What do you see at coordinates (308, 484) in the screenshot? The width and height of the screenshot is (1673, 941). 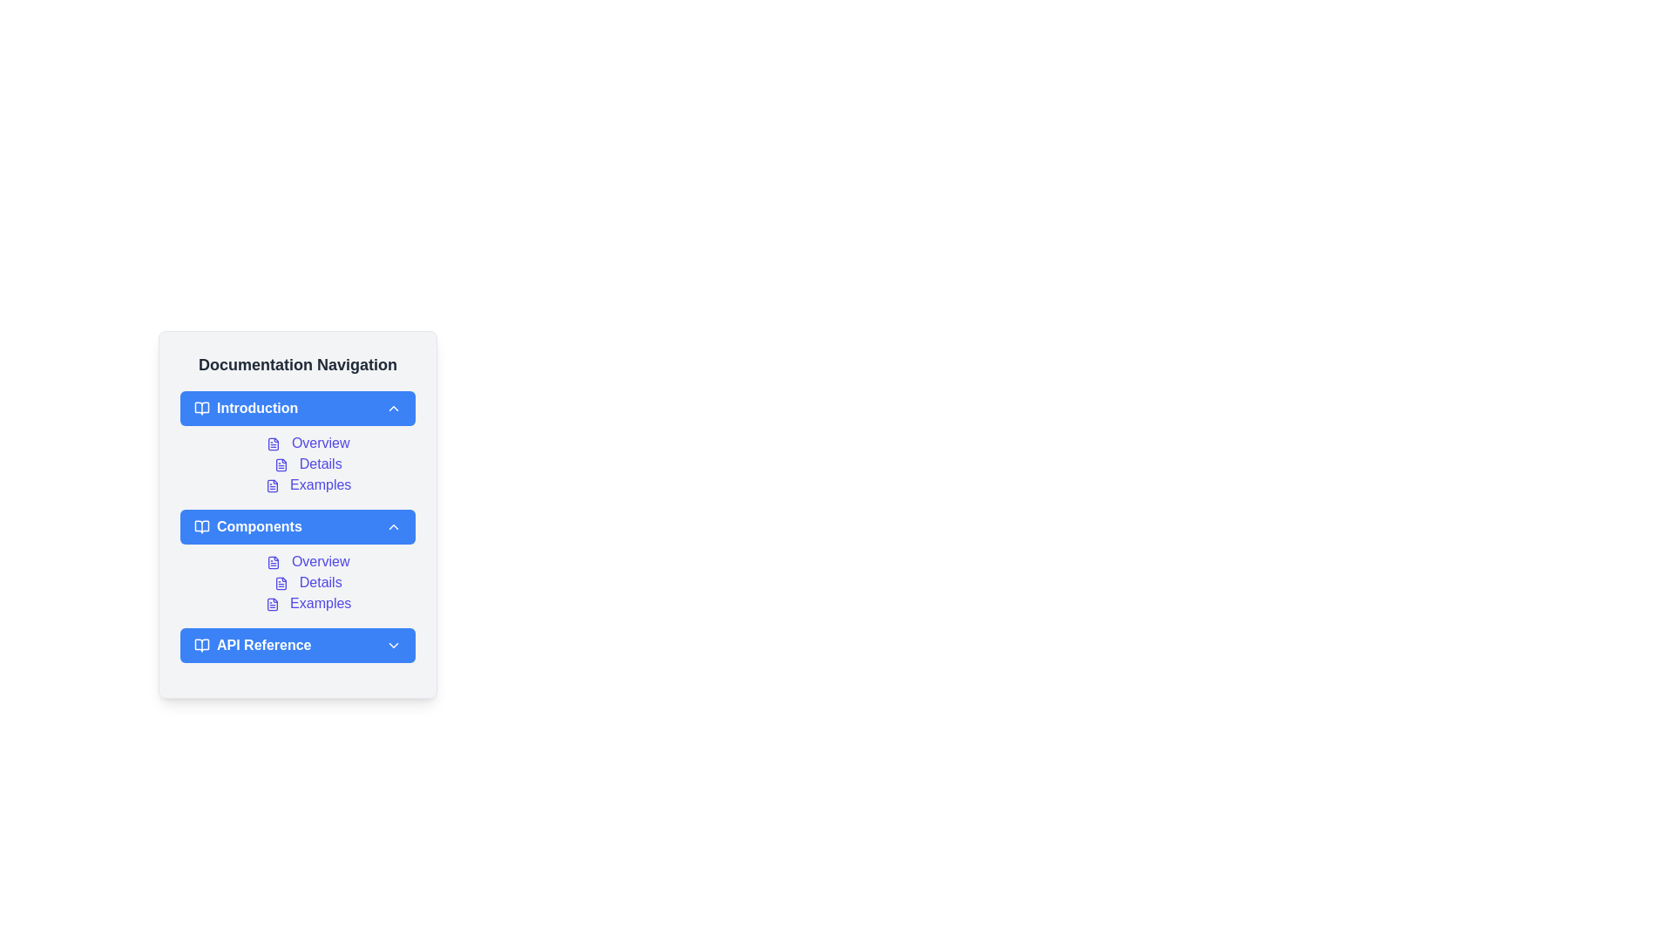 I see `the 'Examples' link, which is styled in indigo and underlined on hover, positioned below 'Details' and above subsequent content in the 'Introduction' section` at bounding box center [308, 484].